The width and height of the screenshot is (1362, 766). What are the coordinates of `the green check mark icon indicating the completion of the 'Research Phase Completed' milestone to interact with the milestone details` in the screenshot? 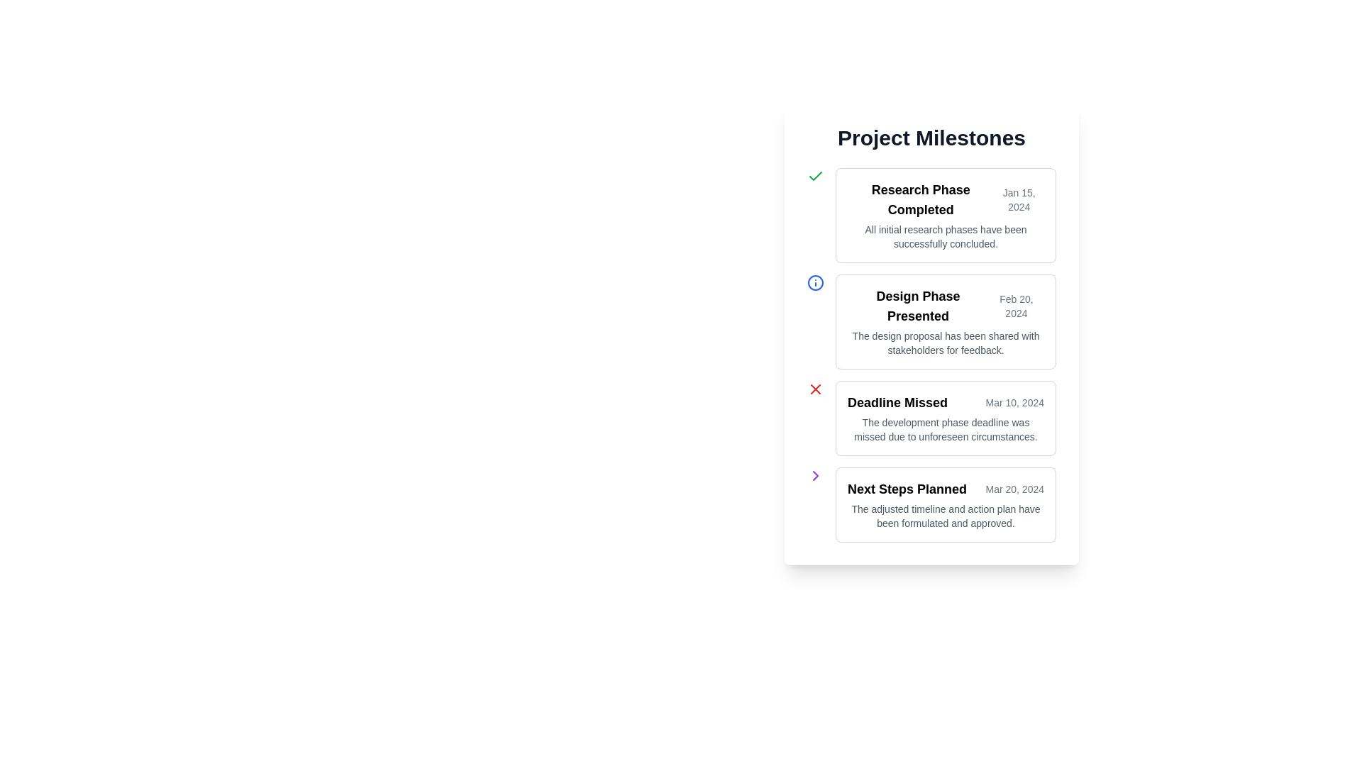 It's located at (816, 176).